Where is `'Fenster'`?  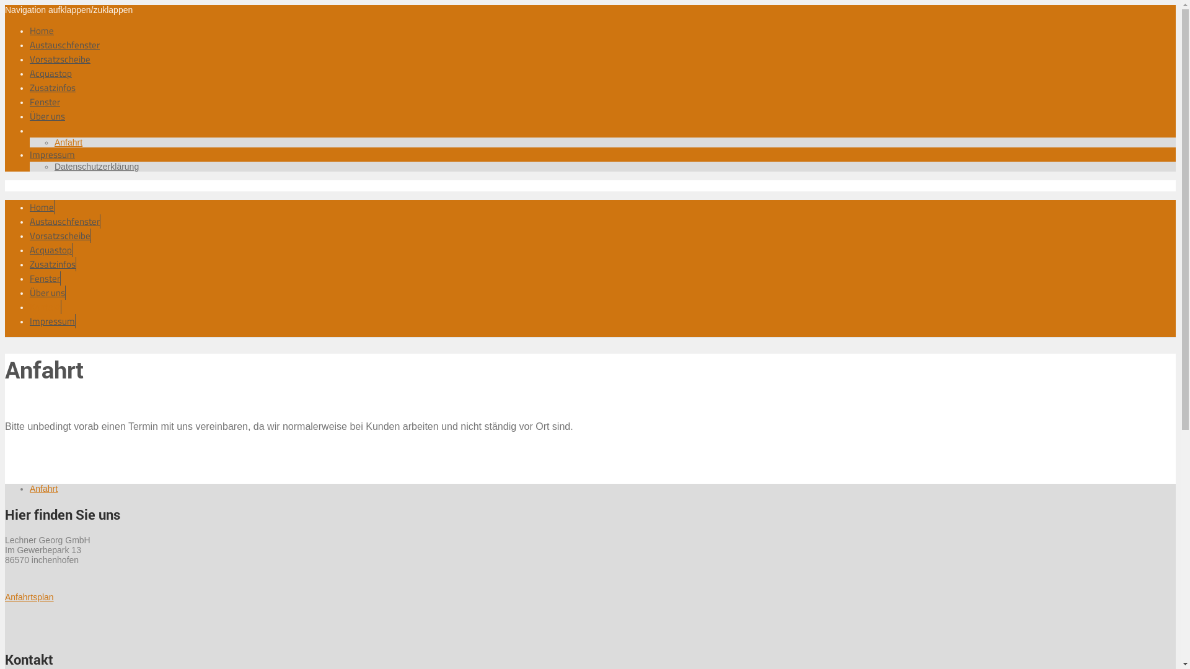
'Fenster' is located at coordinates (45, 101).